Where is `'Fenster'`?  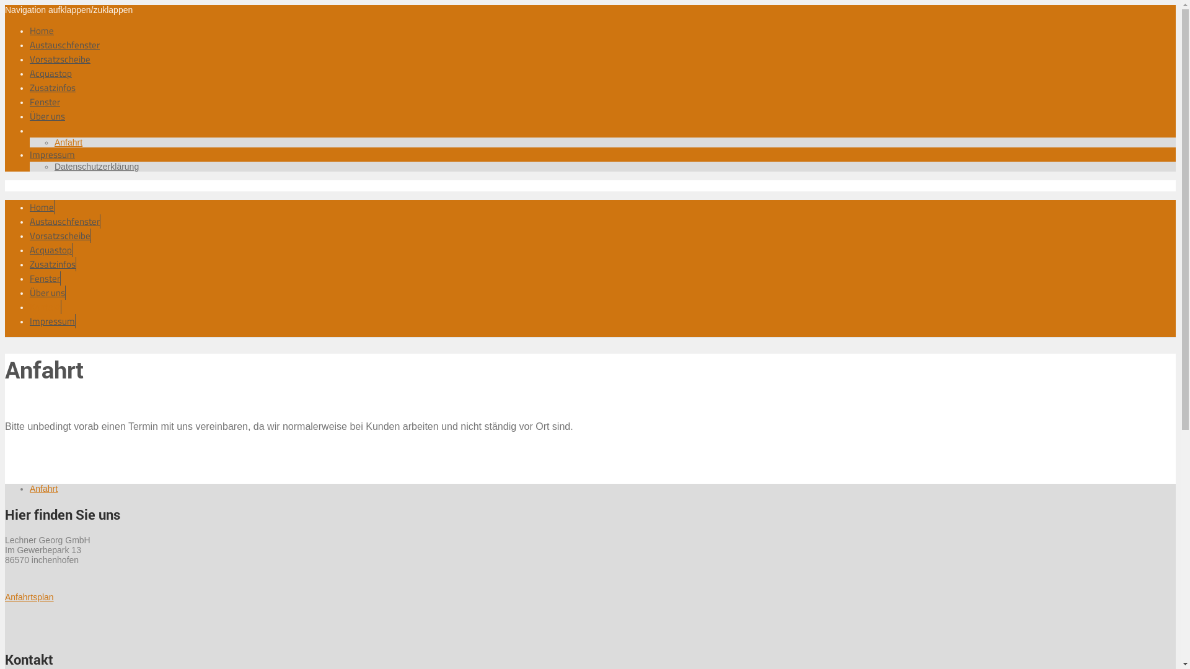
'Fenster' is located at coordinates (45, 101).